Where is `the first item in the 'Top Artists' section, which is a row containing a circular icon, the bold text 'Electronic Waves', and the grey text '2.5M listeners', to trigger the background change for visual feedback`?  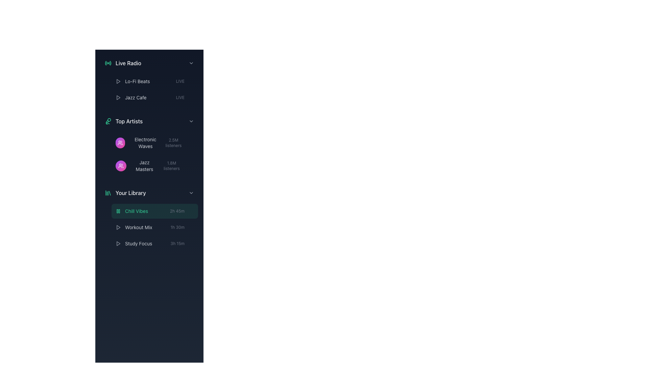 the first item in the 'Top Artists' section, which is a row containing a circular icon, the bold text 'Electronic Waves', and the grey text '2.5M listeners', to trigger the background change for visual feedback is located at coordinates (154, 143).